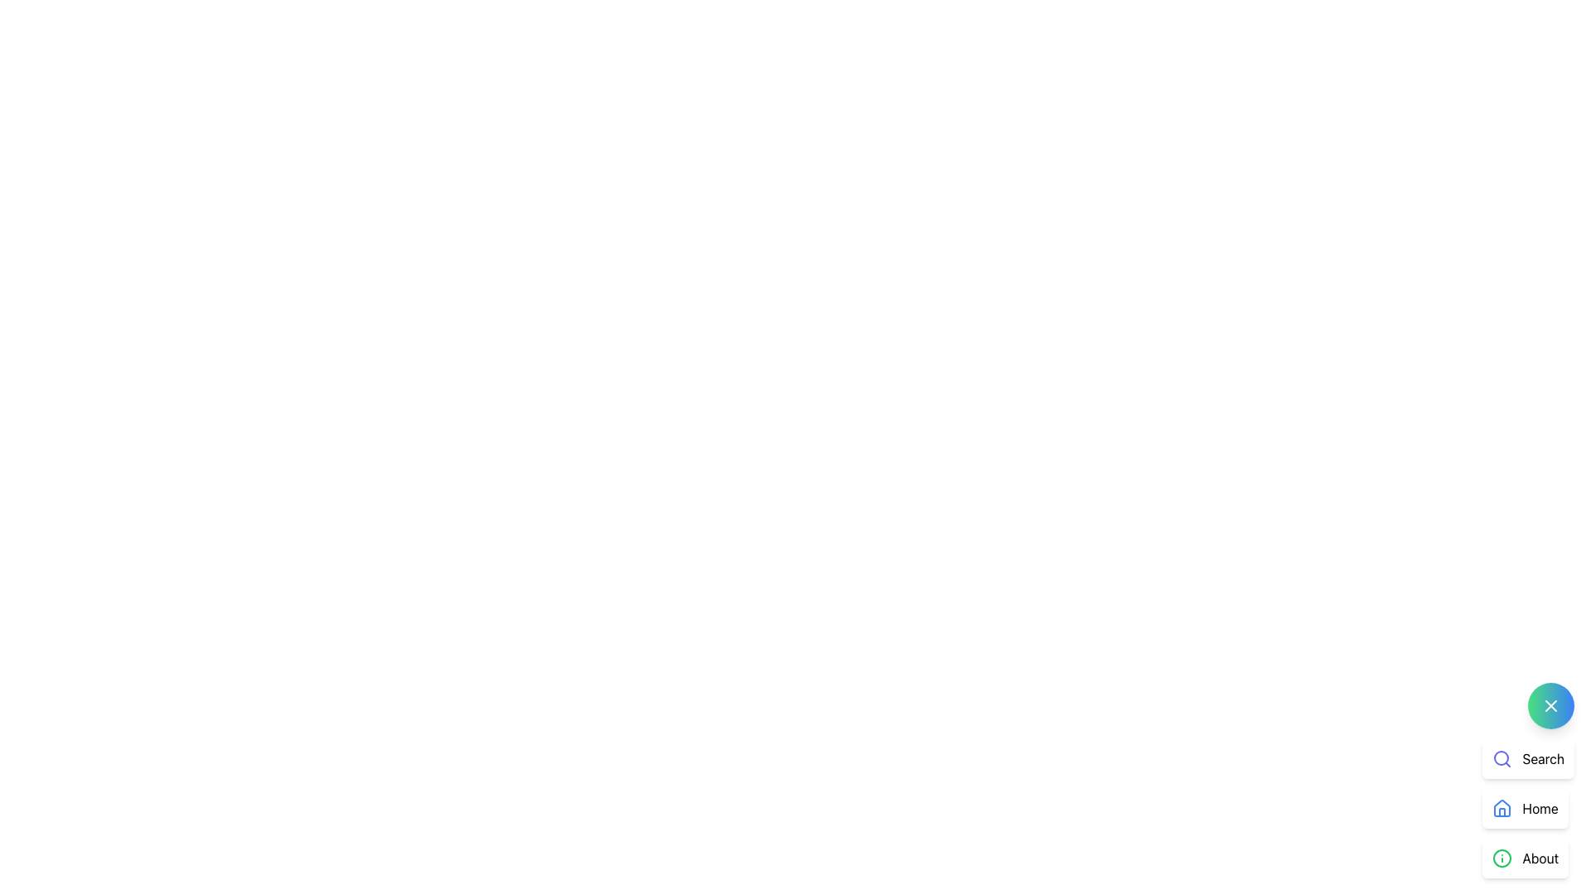 This screenshot has height=895, width=1591. Describe the element at coordinates (1527, 758) in the screenshot. I see `the topmost button in the vertical stack located in the bottom-right corner of the interface` at that location.